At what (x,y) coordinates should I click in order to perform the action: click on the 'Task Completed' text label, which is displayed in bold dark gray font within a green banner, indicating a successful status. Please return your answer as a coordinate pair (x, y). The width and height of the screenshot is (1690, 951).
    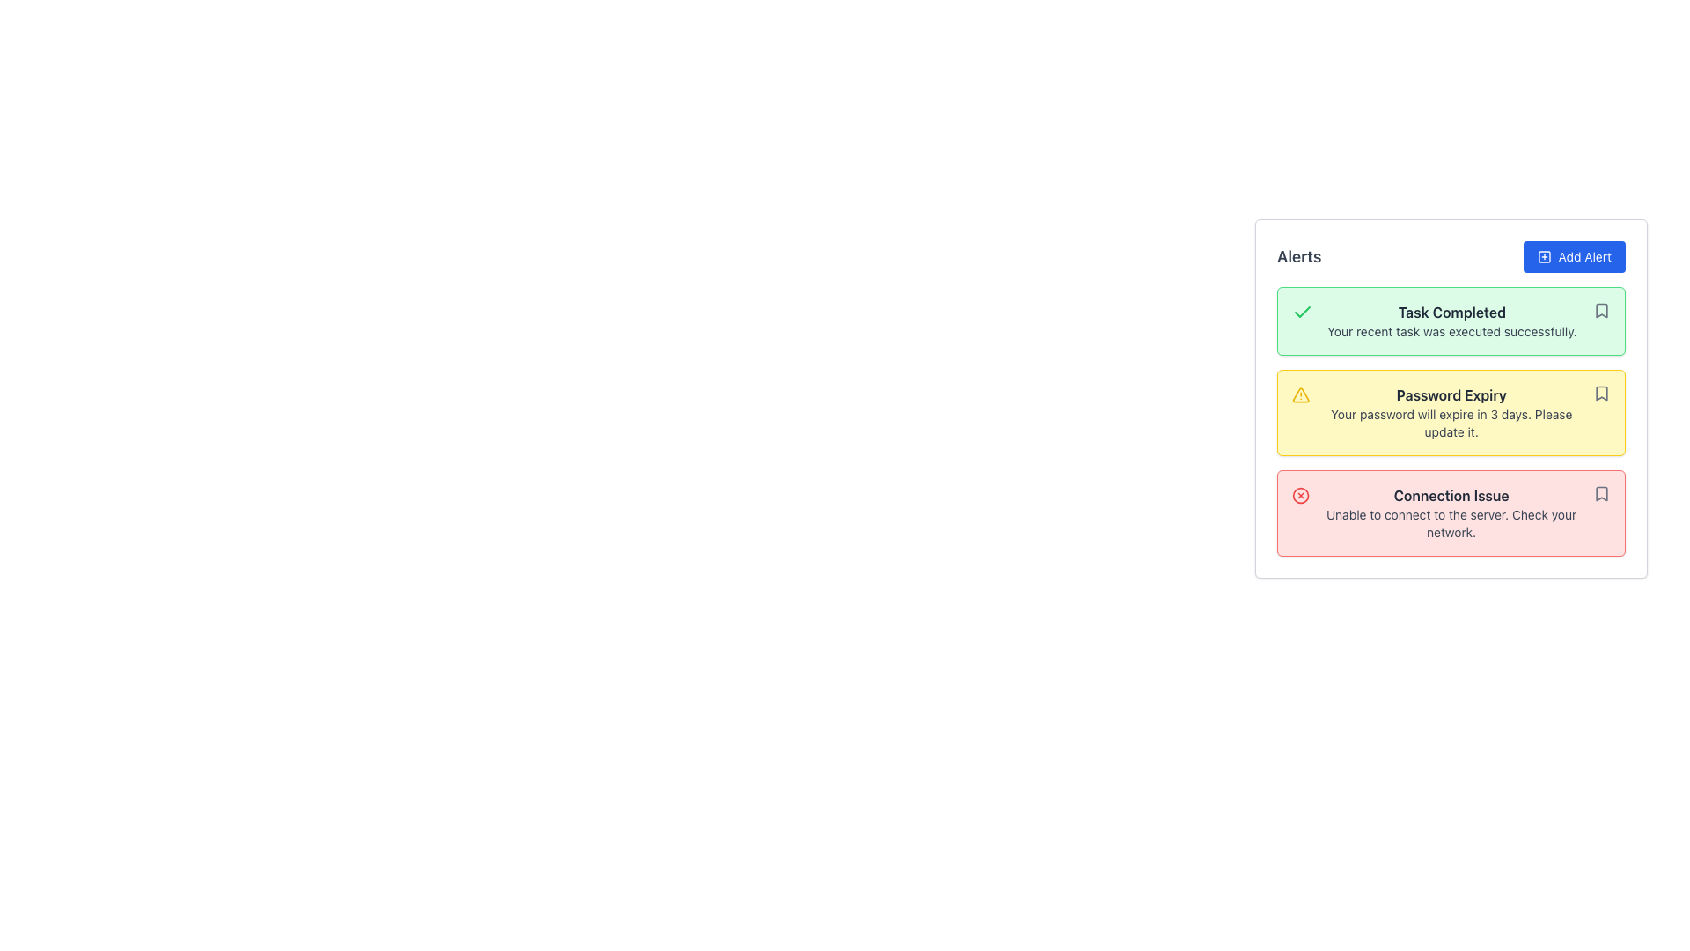
    Looking at the image, I should click on (1451, 311).